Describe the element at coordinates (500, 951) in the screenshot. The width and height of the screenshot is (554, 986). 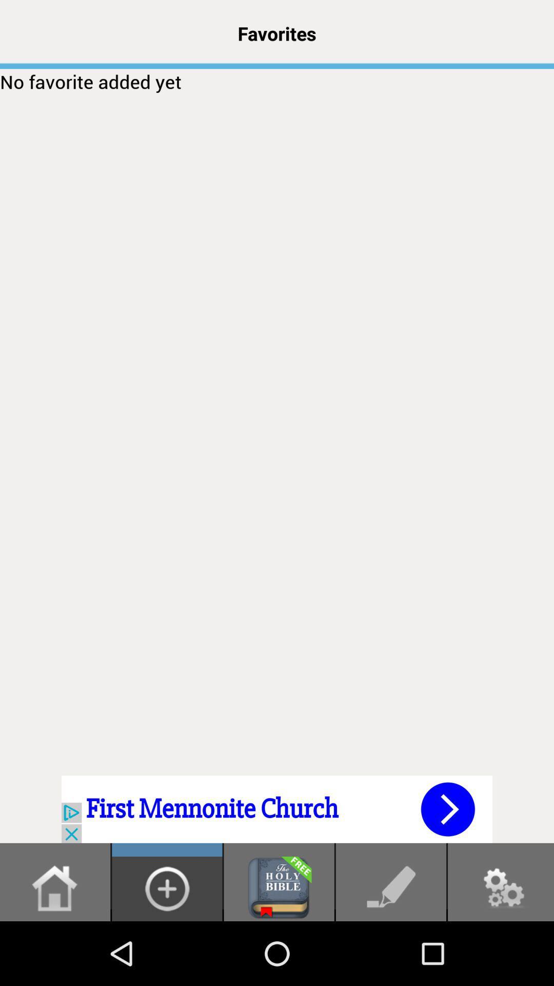
I see `the settings icon` at that location.